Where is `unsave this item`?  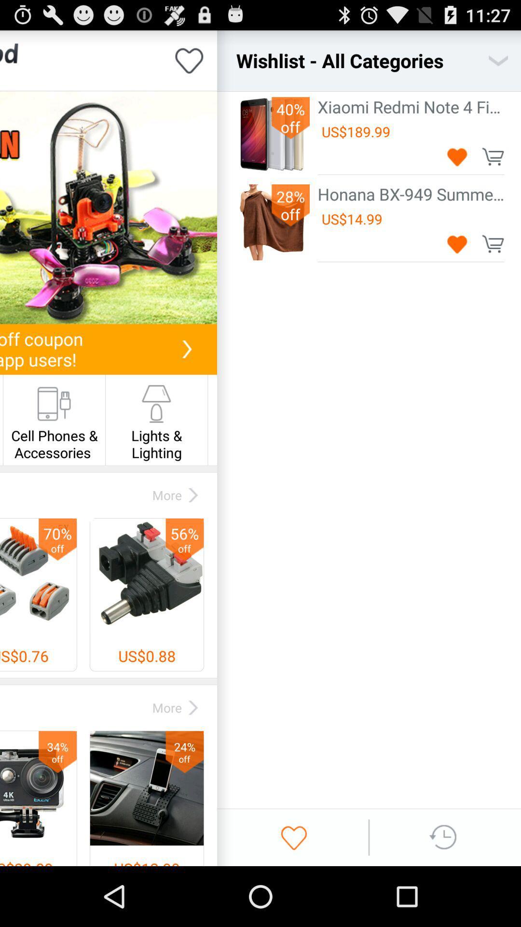 unsave this item is located at coordinates (457, 244).